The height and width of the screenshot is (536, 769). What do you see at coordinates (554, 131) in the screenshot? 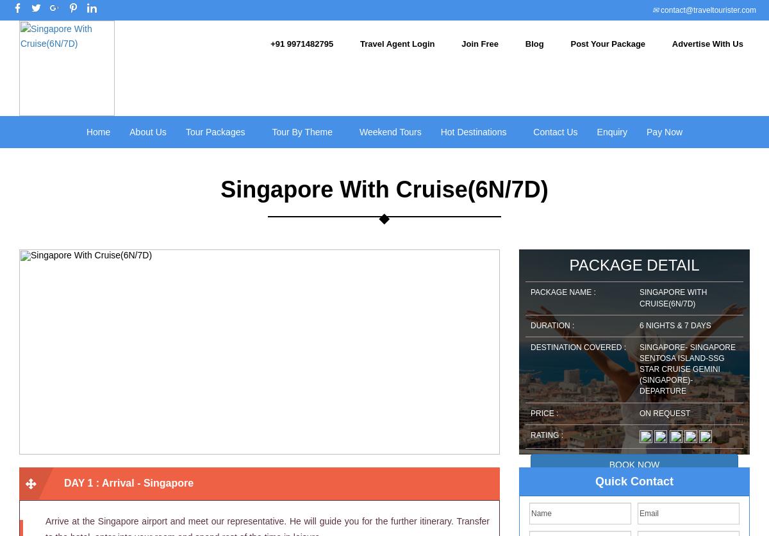
I see `'Contact Us'` at bounding box center [554, 131].